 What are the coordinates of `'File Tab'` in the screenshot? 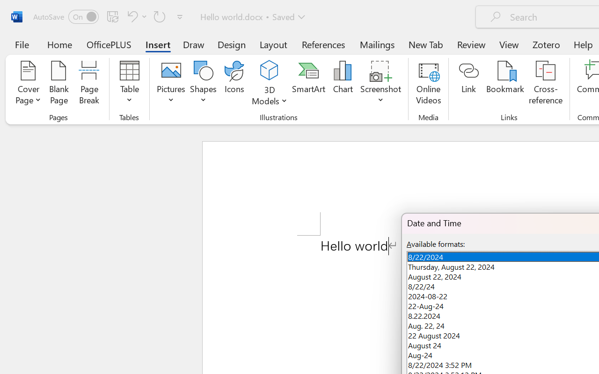 It's located at (22, 44).